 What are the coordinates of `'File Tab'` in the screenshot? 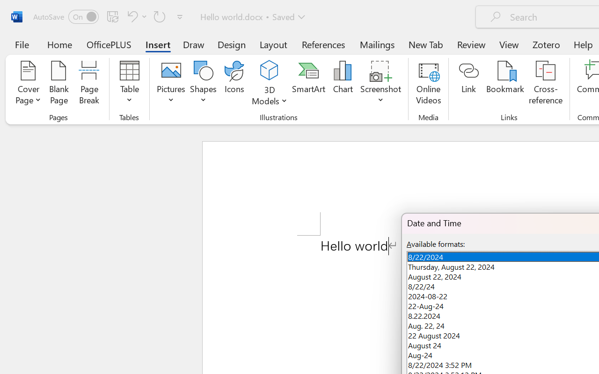 It's located at (22, 44).